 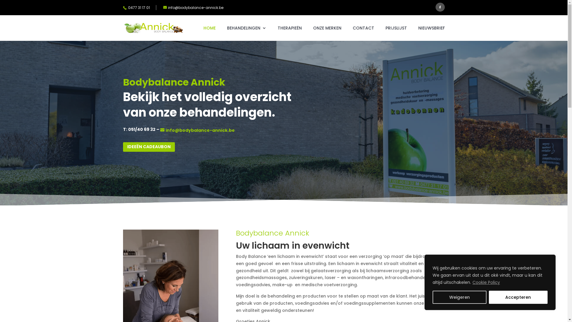 I want to click on 'Accepteren', so click(x=517, y=297).